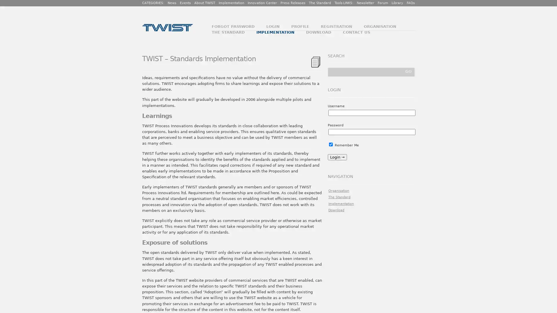 This screenshot has height=313, width=557. Describe the element at coordinates (337, 157) in the screenshot. I see `Login` at that location.